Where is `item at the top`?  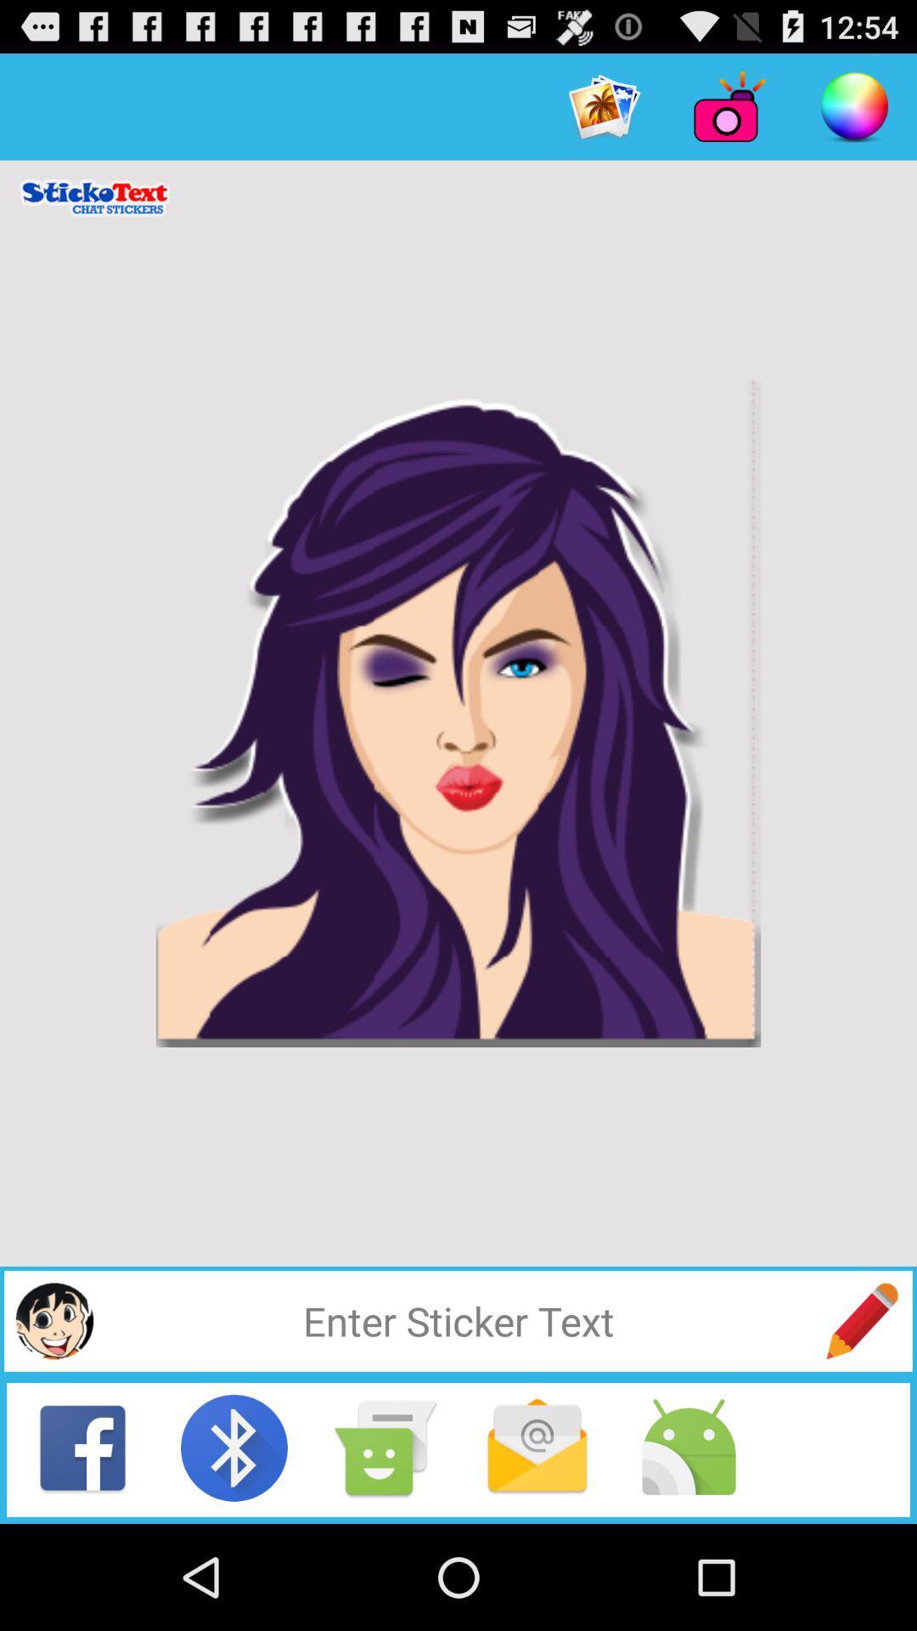
item at the top is located at coordinates (604, 105).